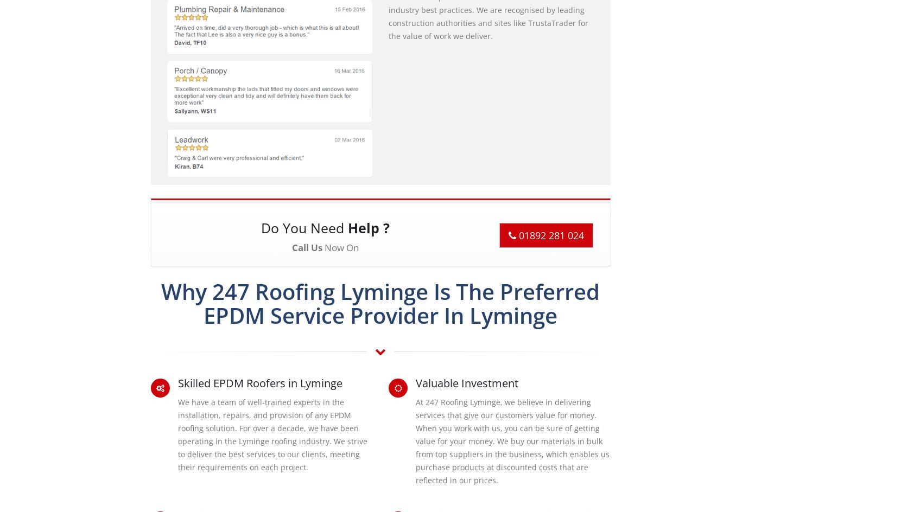 Image resolution: width=920 pixels, height=512 pixels. Describe the element at coordinates (466, 382) in the screenshot. I see `'Valuable Investment'` at that location.